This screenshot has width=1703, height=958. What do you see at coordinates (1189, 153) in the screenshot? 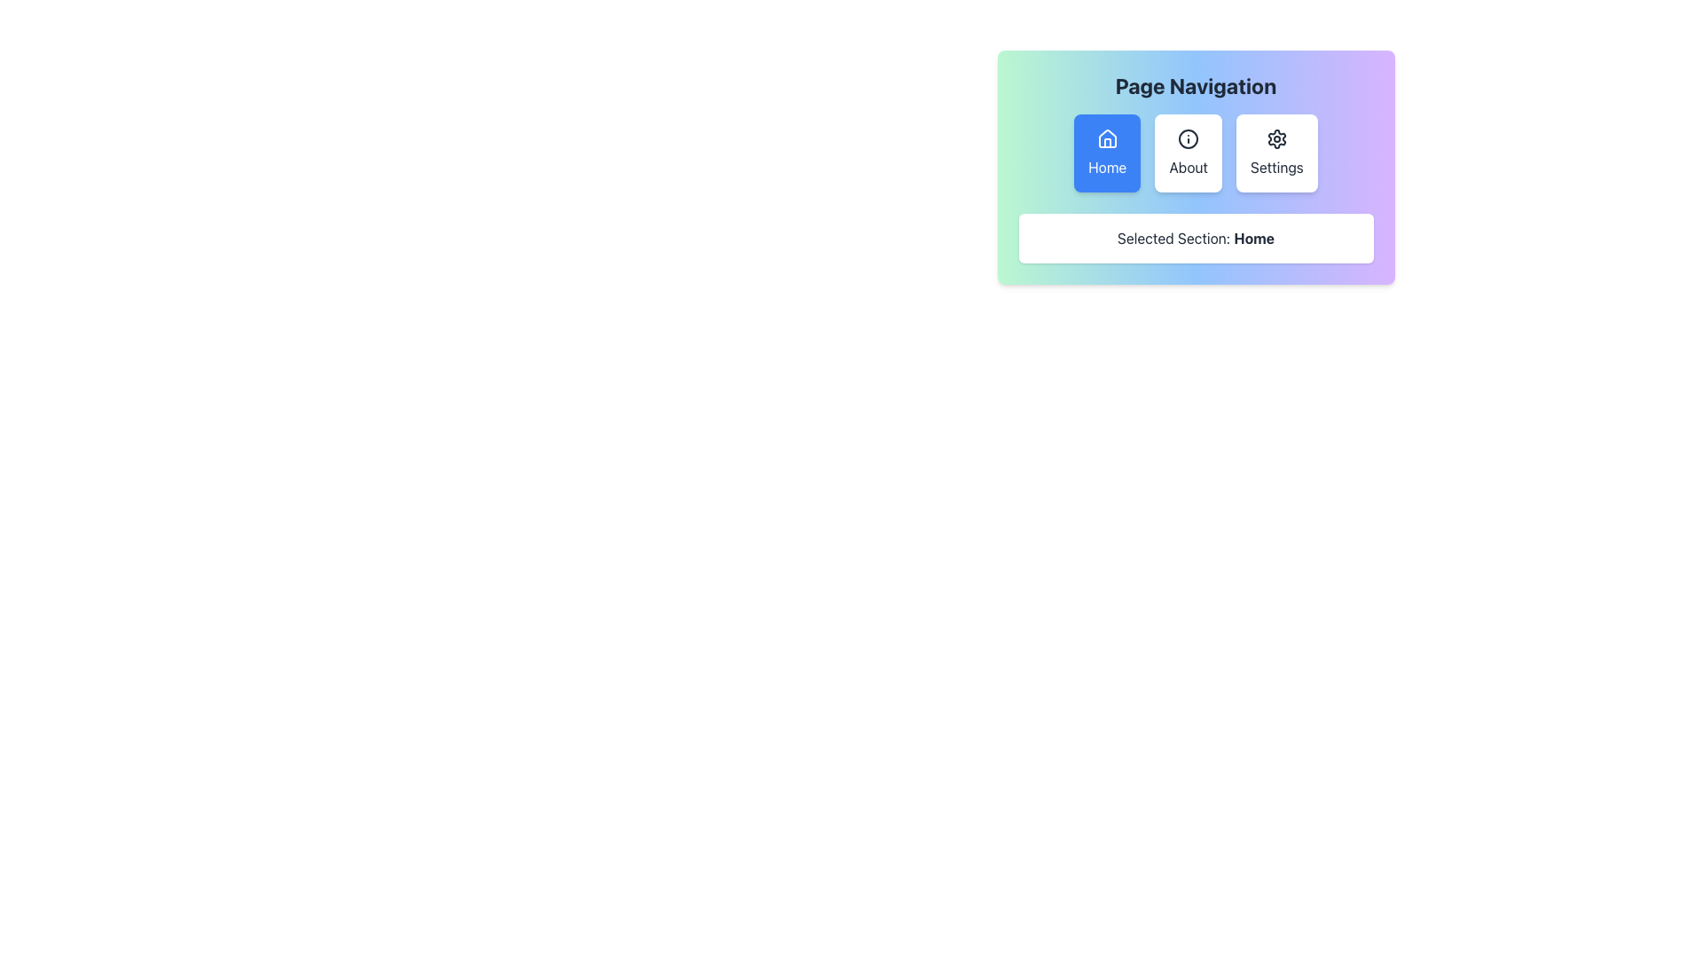
I see `the 'About' button located in the upper navigation menu` at bounding box center [1189, 153].